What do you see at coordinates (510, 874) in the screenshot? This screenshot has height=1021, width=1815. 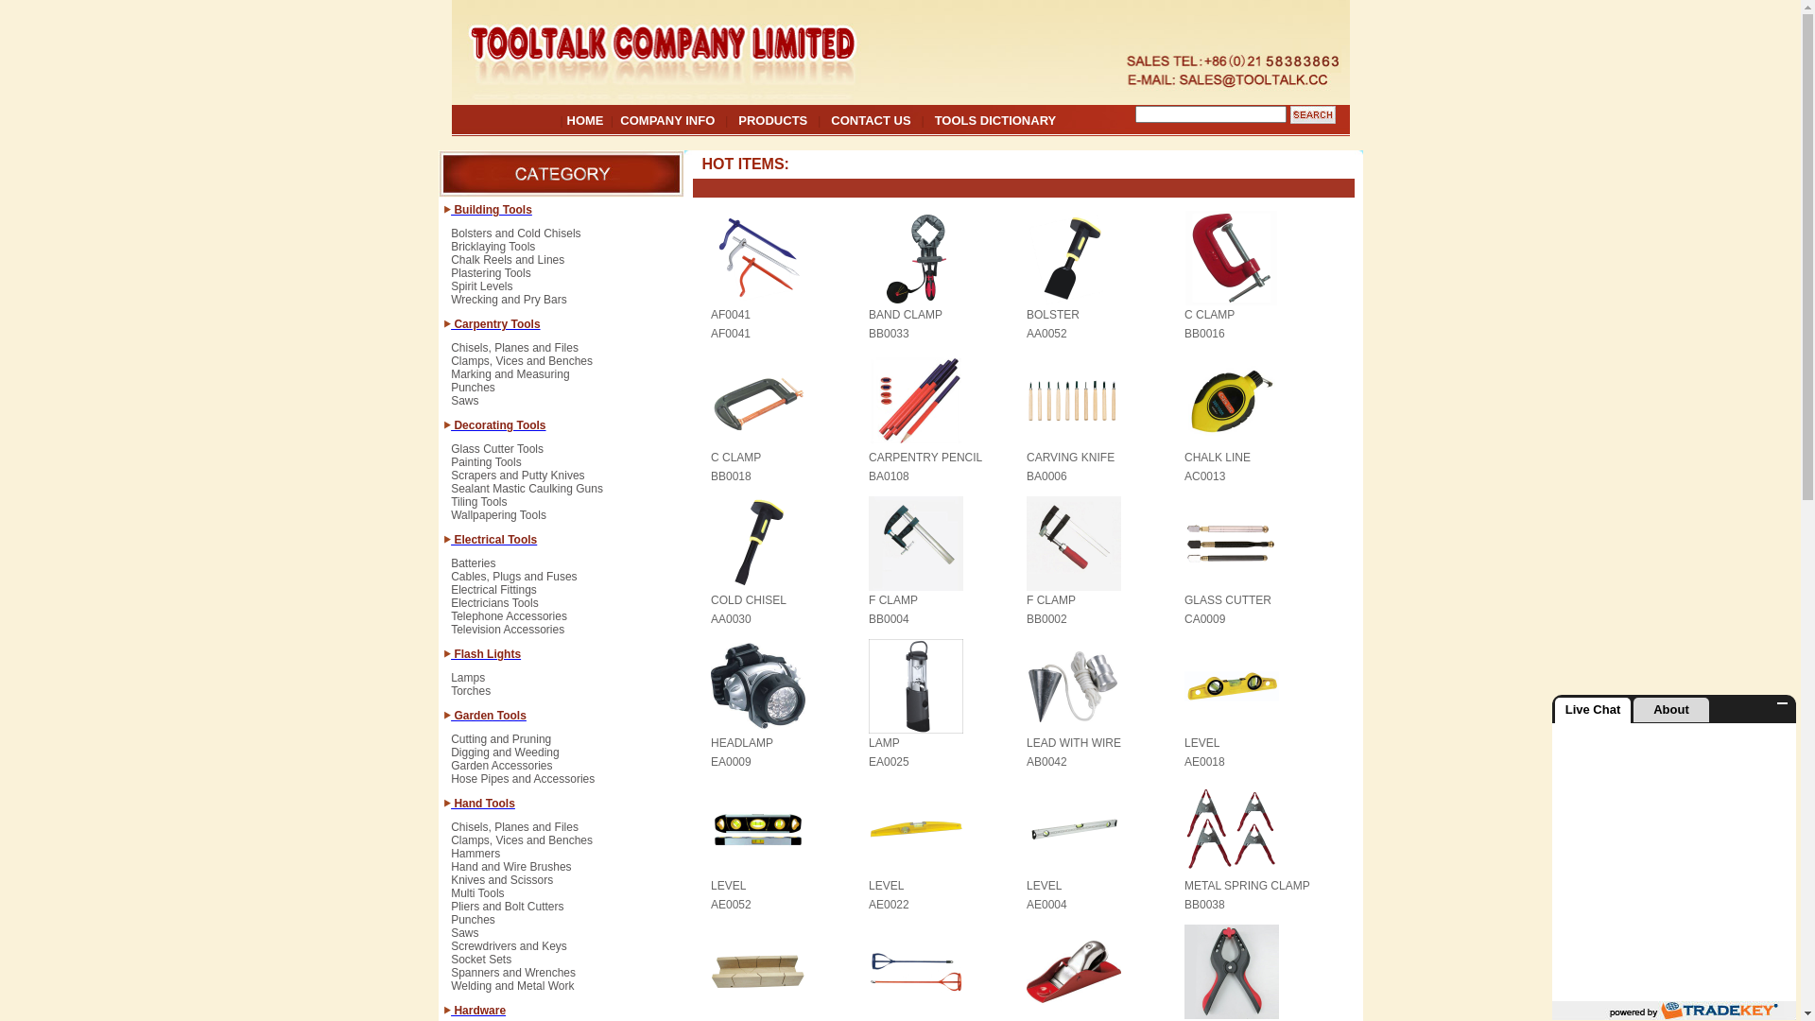 I see `'Hand and Wire Brushes'` at bounding box center [510, 874].